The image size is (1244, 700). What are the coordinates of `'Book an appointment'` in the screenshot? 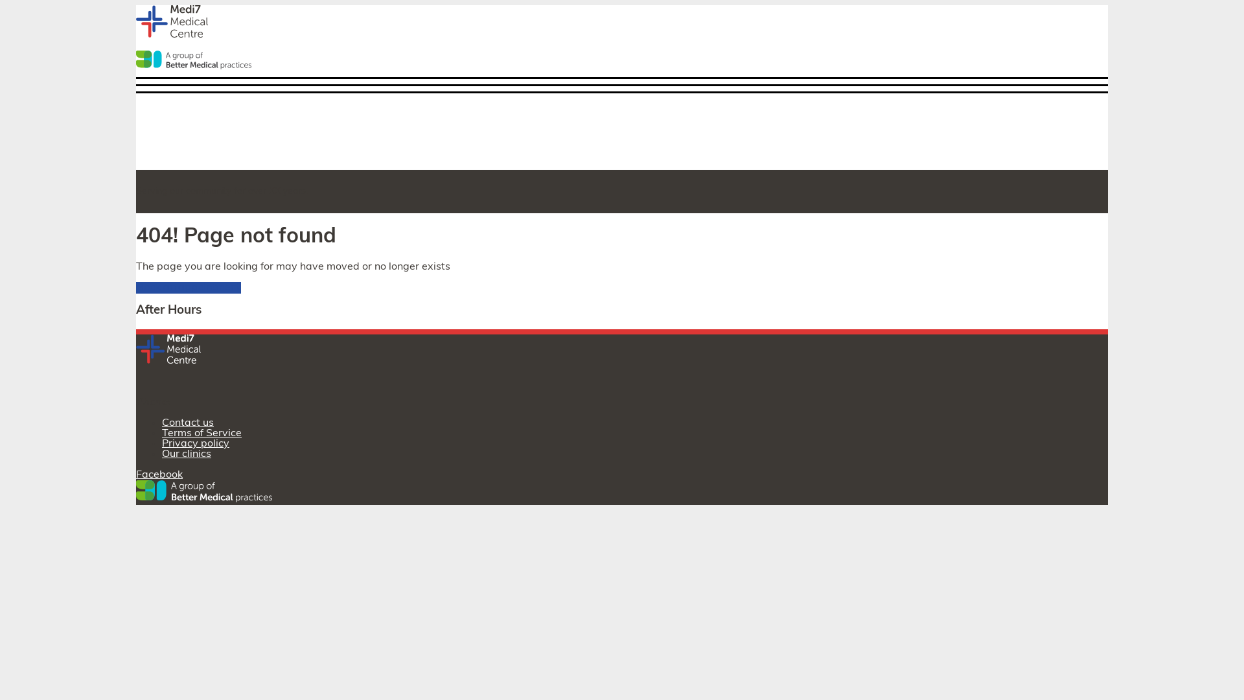 It's located at (136, 286).